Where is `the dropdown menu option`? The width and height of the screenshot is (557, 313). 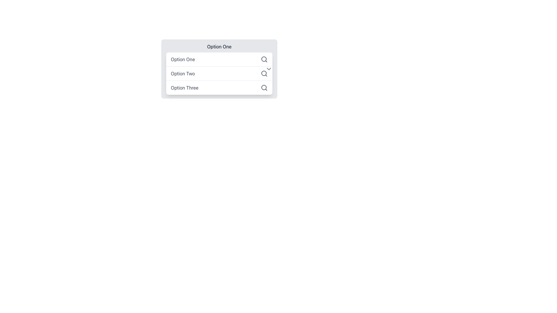 the dropdown menu option is located at coordinates (219, 73).